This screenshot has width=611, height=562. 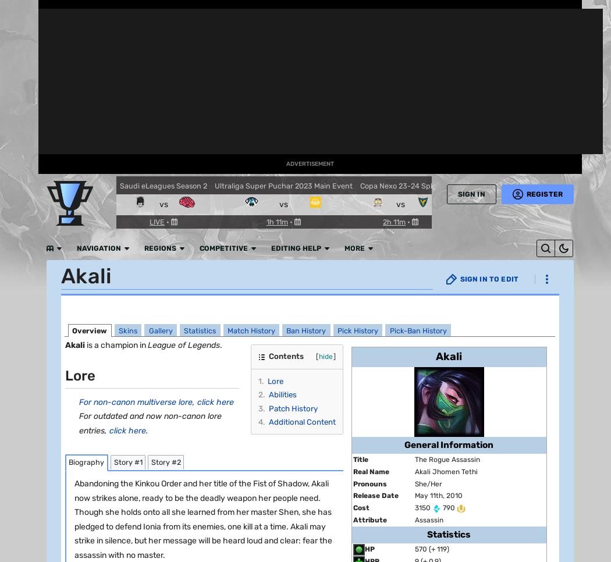 What do you see at coordinates (113, 361) in the screenshot?
I see `'Recent Images'` at bounding box center [113, 361].